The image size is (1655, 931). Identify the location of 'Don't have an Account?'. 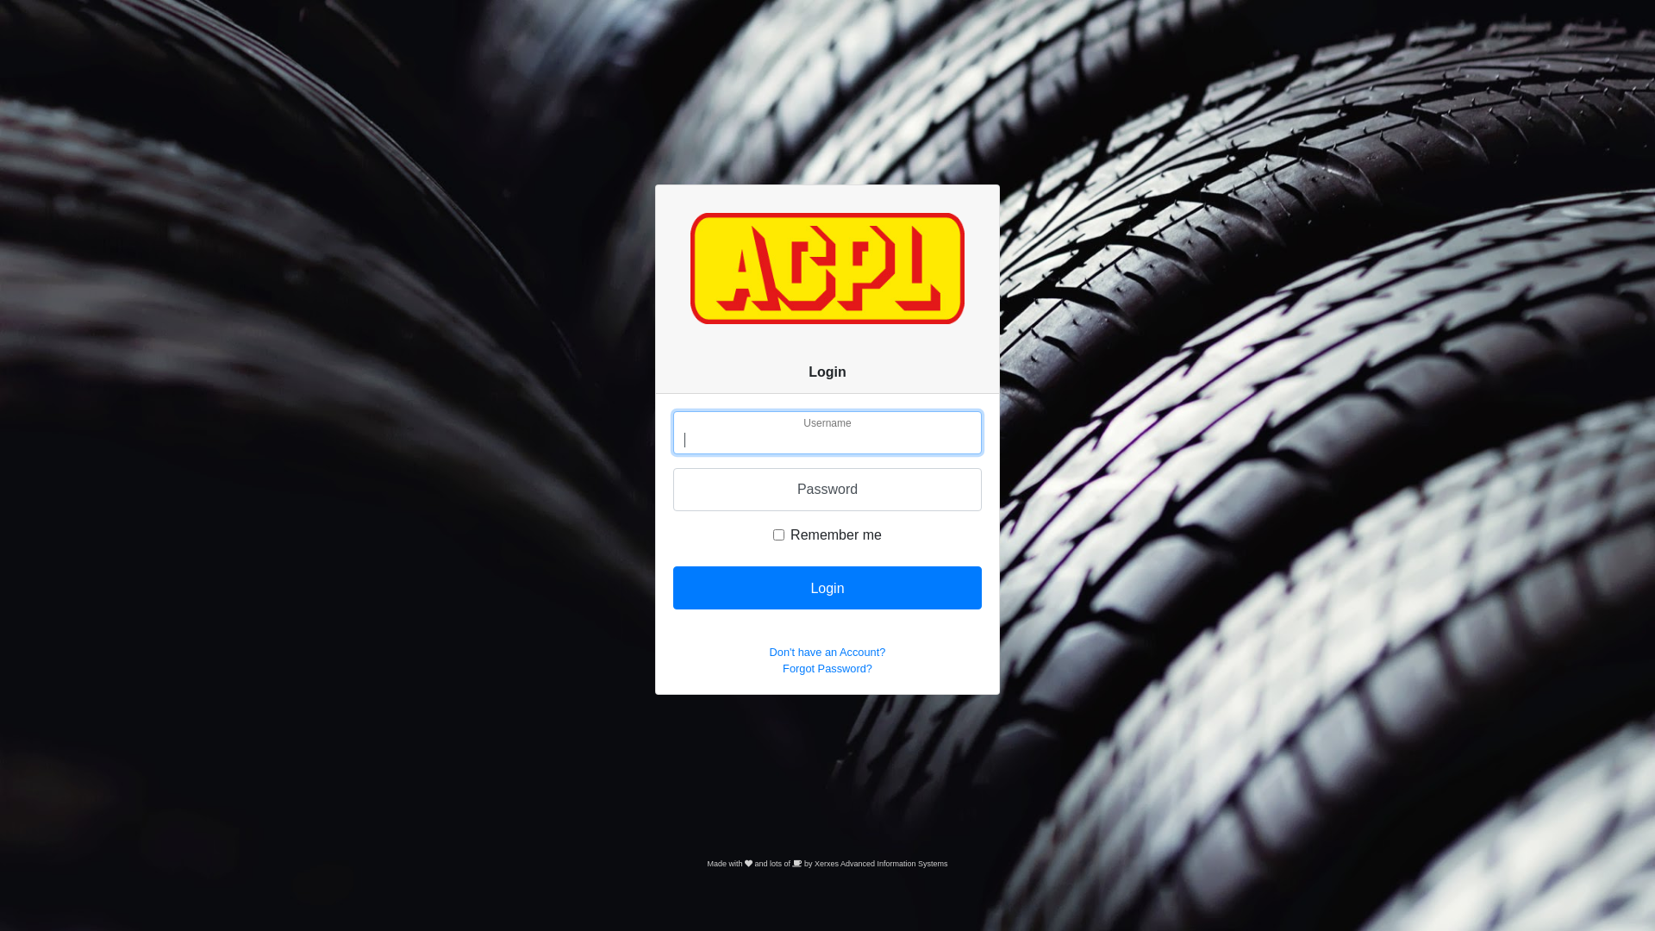
(827, 652).